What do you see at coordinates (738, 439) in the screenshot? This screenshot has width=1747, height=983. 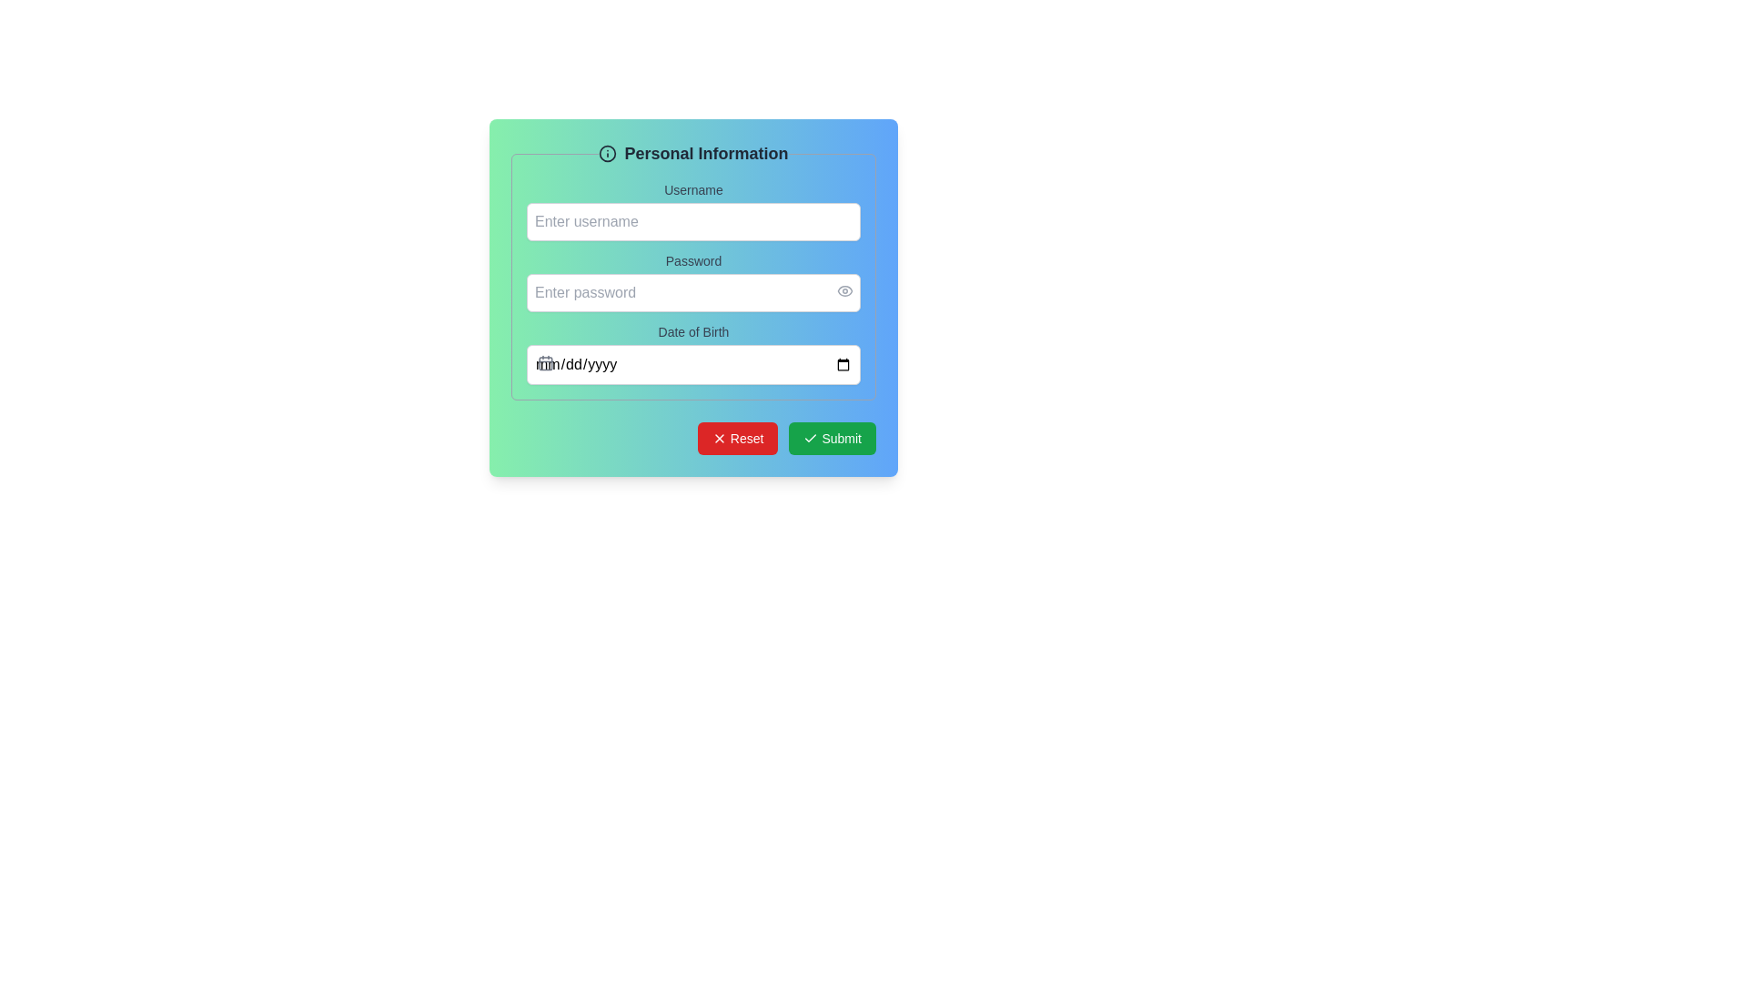 I see `the red 'Reset' button with rounded corners that has a white text label and an 'X' icon` at bounding box center [738, 439].